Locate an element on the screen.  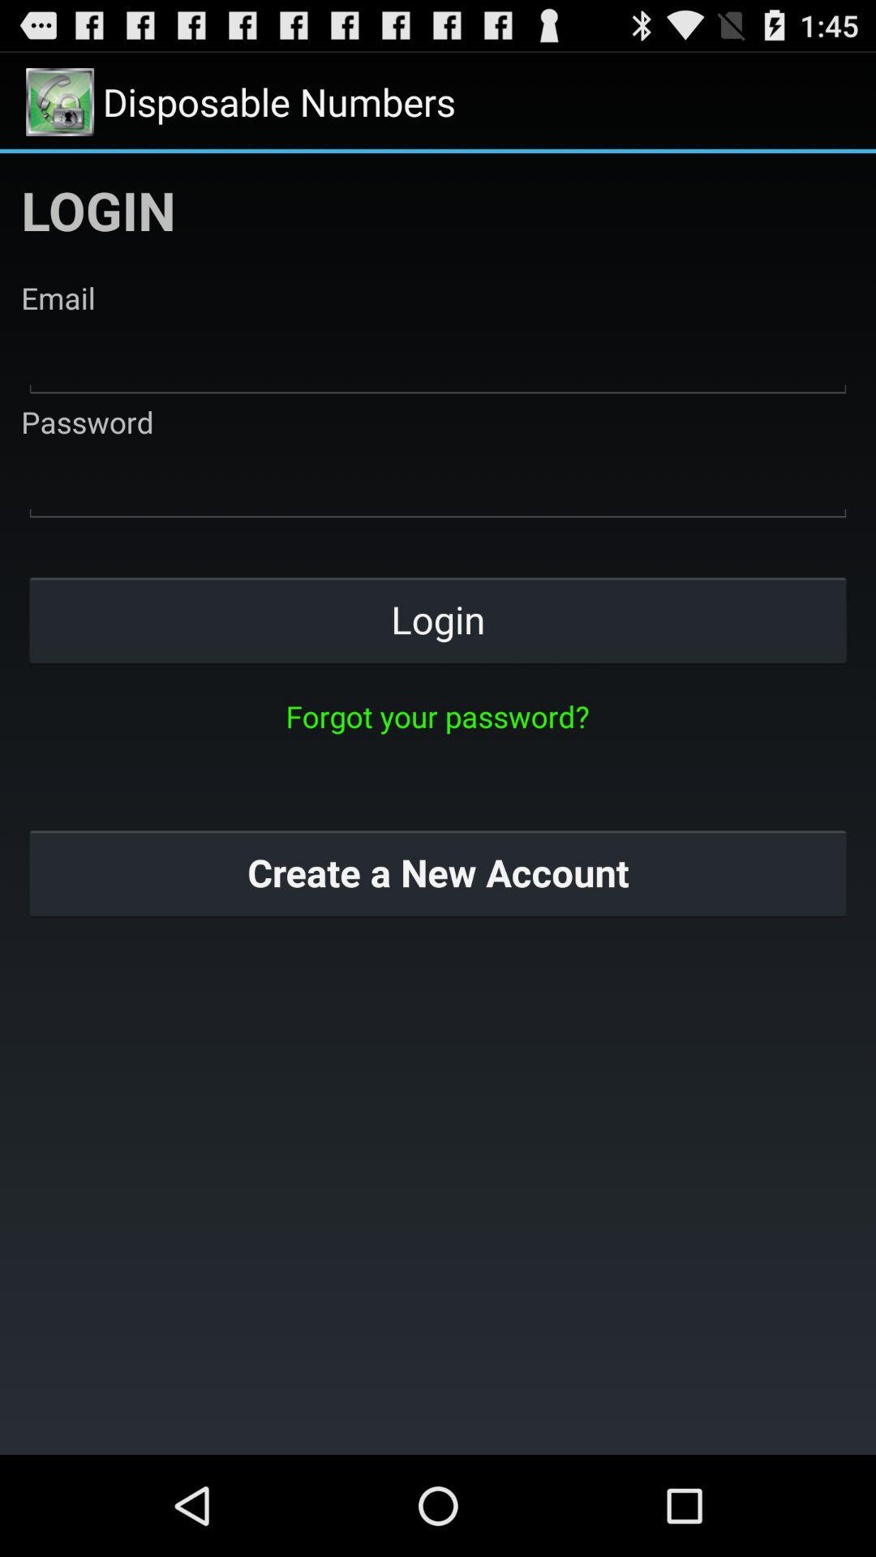
email field is located at coordinates (438, 358).